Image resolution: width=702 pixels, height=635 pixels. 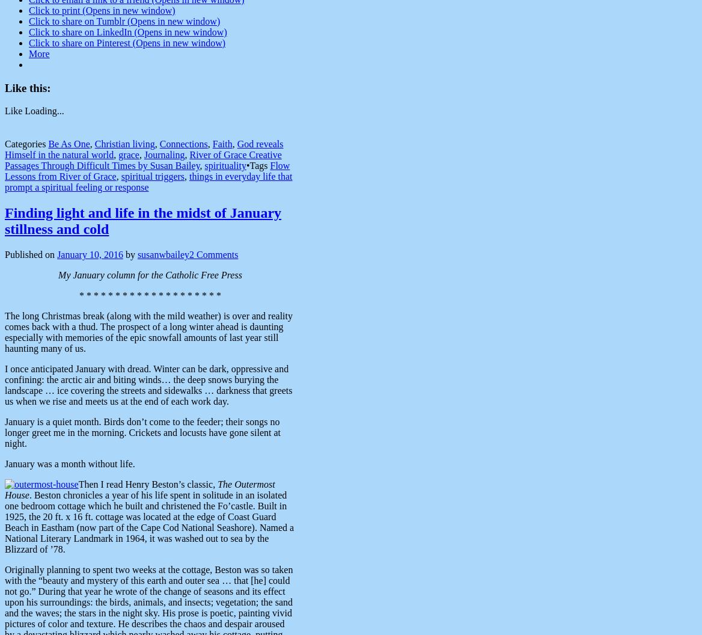 I want to click on 'My January column for the Catholic Free Press', so click(x=57, y=275).